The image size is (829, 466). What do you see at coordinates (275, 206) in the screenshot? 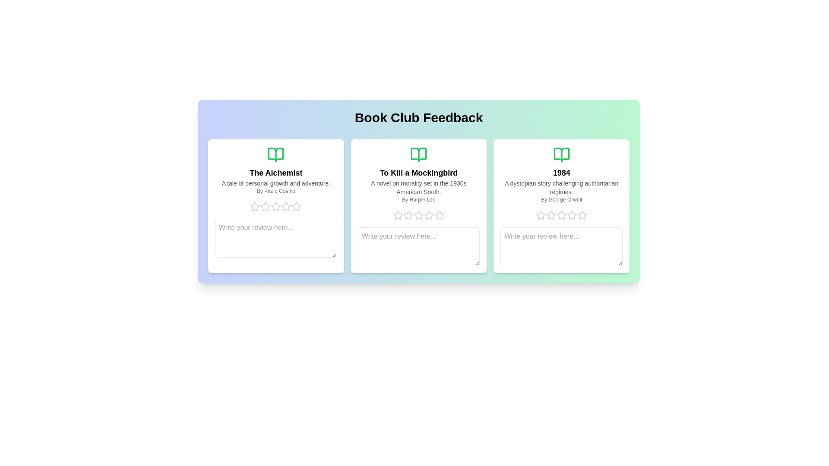
I see `the fourth star in the rating section below 'The Alchemist'` at bounding box center [275, 206].